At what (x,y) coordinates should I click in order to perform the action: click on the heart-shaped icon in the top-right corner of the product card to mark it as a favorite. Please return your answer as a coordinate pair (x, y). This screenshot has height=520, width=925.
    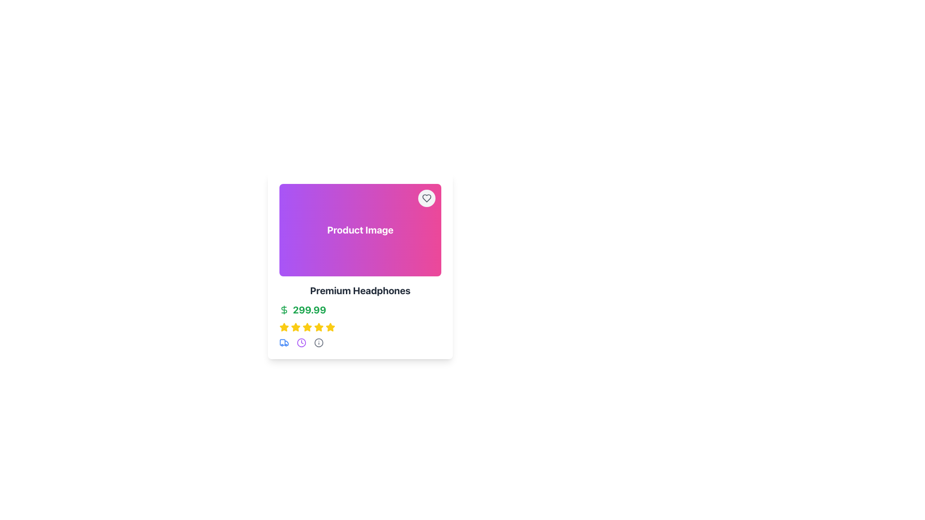
    Looking at the image, I should click on (426, 198).